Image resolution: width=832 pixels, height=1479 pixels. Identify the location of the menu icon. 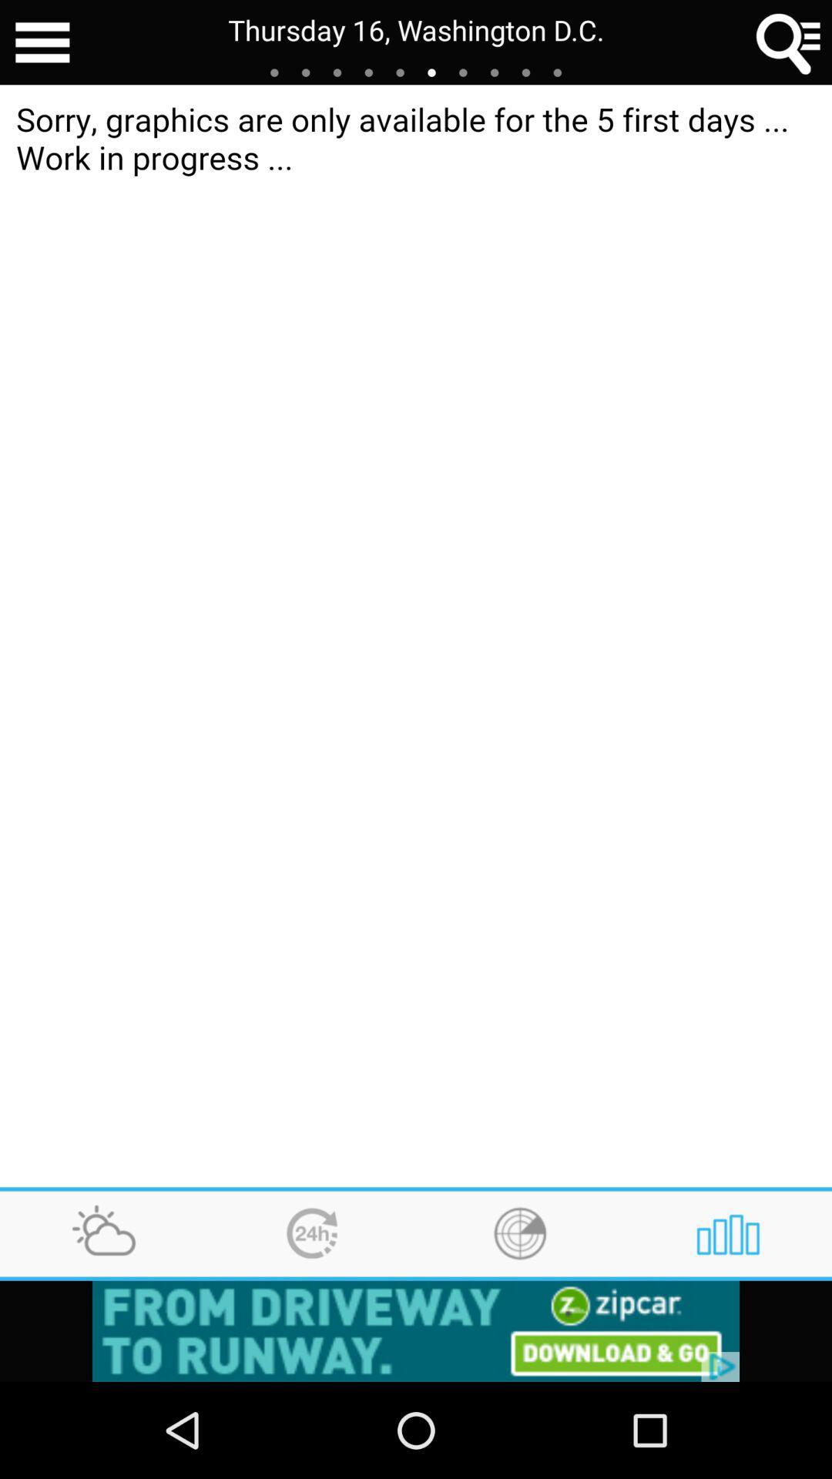
(42, 45).